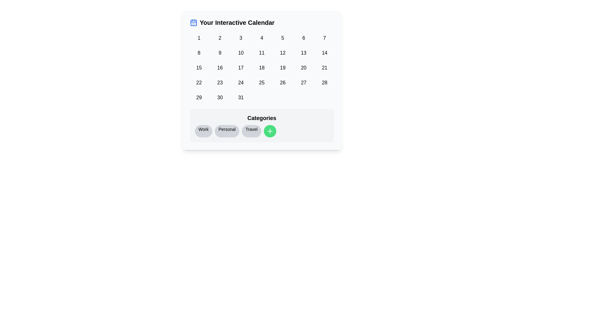  What do you see at coordinates (199, 98) in the screenshot?
I see `the interactive date element '29' on the calendar grid` at bounding box center [199, 98].